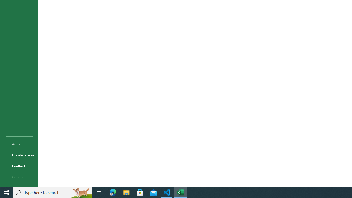 The image size is (352, 198). Describe the element at coordinates (167, 192) in the screenshot. I see `'Visual Studio Code - 1 running window'` at that location.